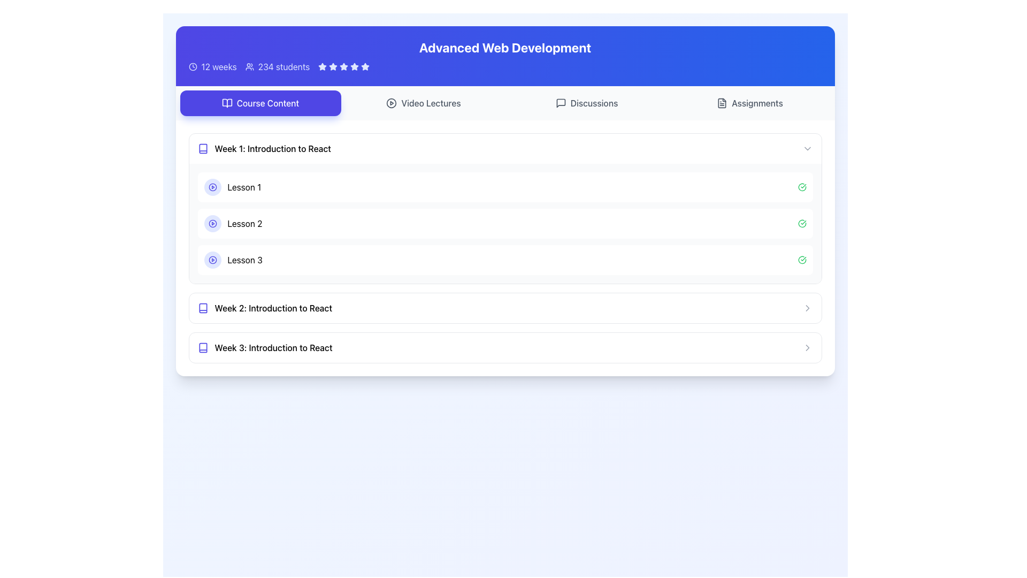 This screenshot has width=1027, height=578. I want to click on the Interactive List Item titled 'Lesson 3', so click(504, 260).